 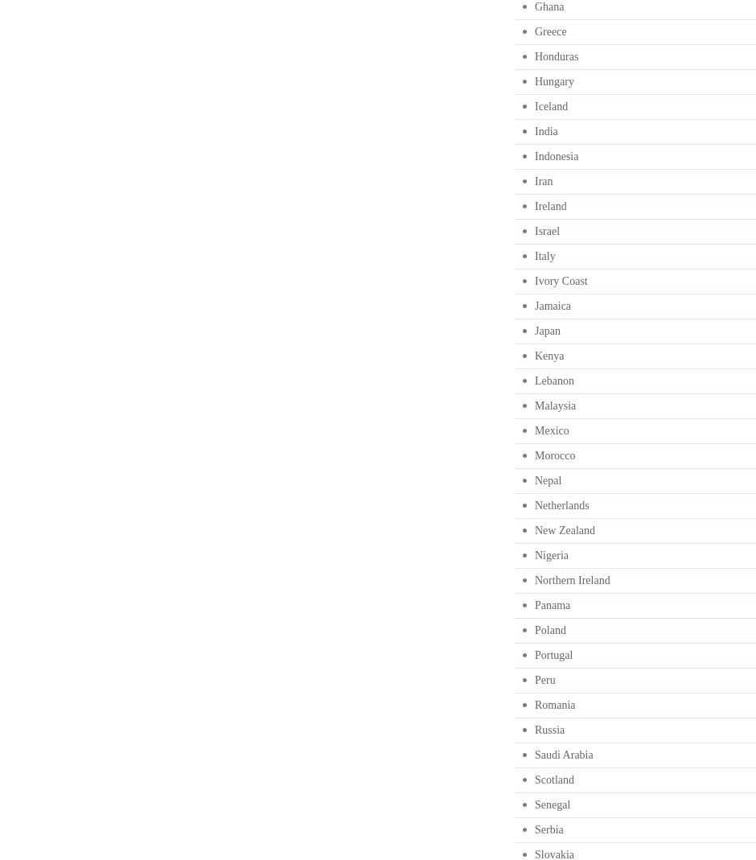 I want to click on 'New Zealand', so click(x=534, y=529).